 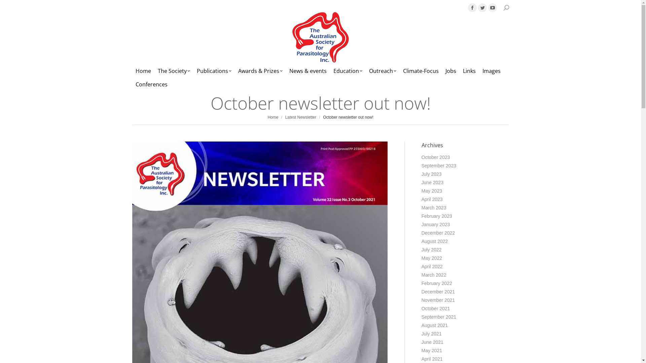 I want to click on 'March 2023', so click(x=434, y=207).